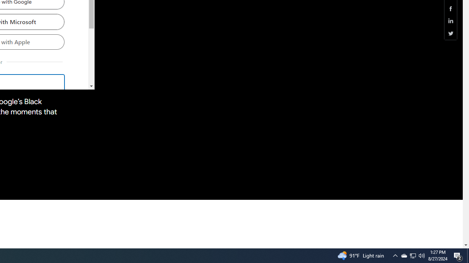 This screenshot has height=263, width=469. Describe the element at coordinates (395, 255) in the screenshot. I see `'Notification Chevron'` at that location.